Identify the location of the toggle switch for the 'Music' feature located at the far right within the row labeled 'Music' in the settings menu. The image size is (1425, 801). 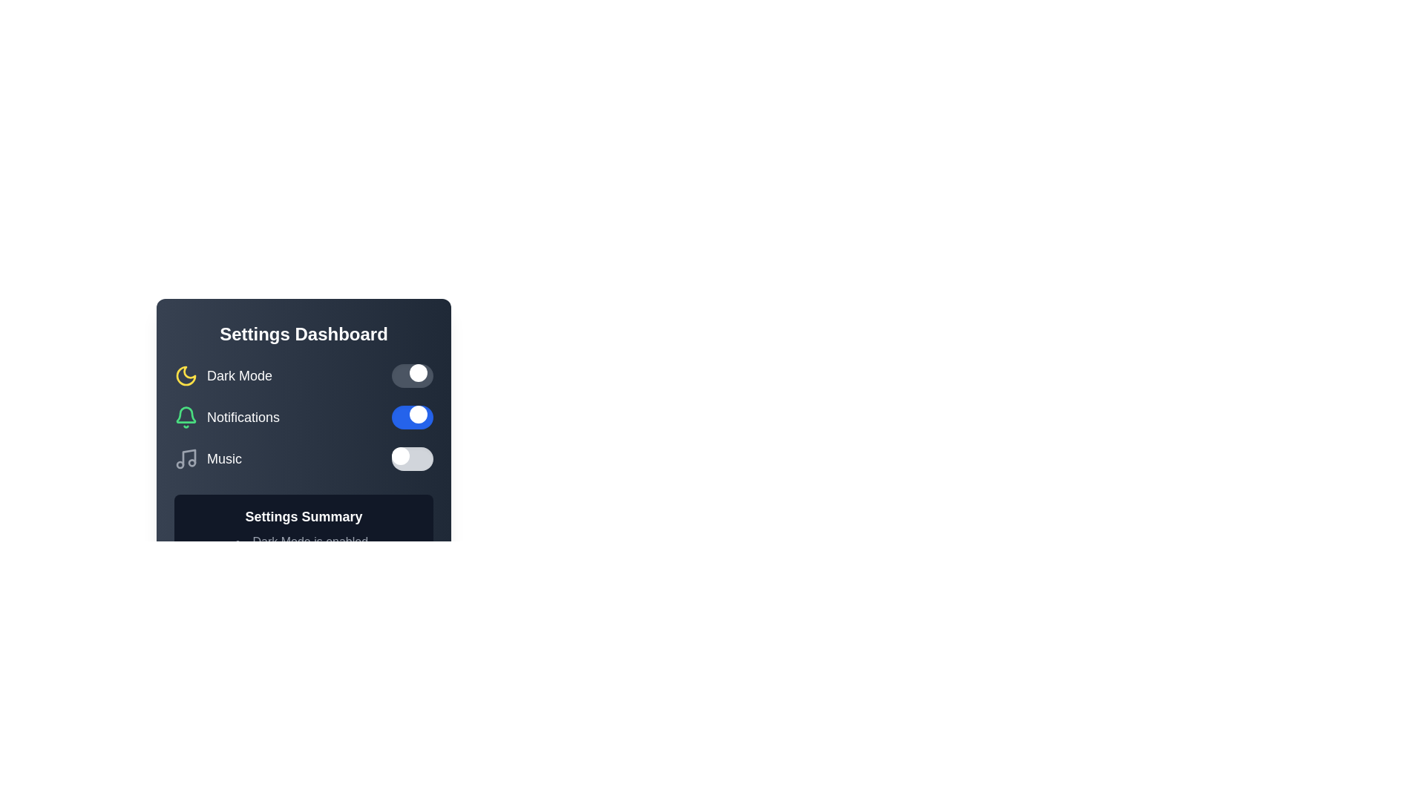
(413, 458).